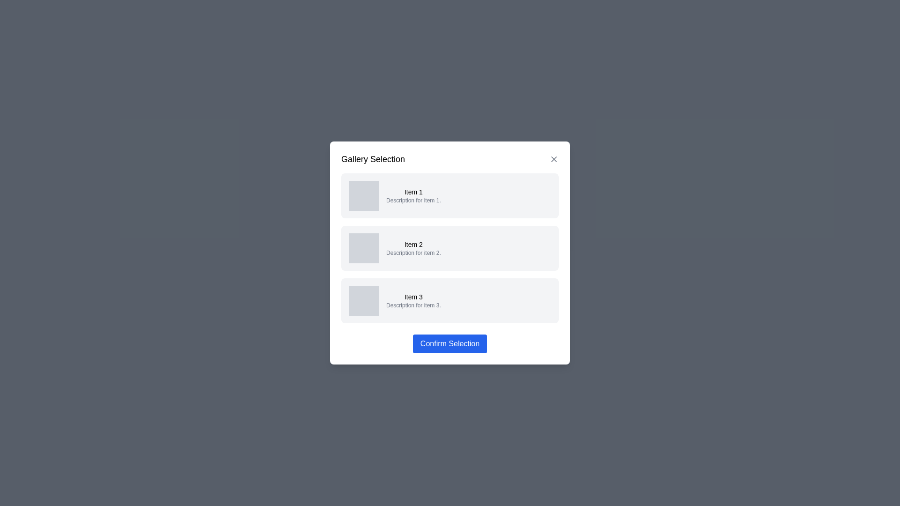  What do you see at coordinates (413, 300) in the screenshot?
I see `the text content display for the third option in the 'Gallery Selection' list` at bounding box center [413, 300].